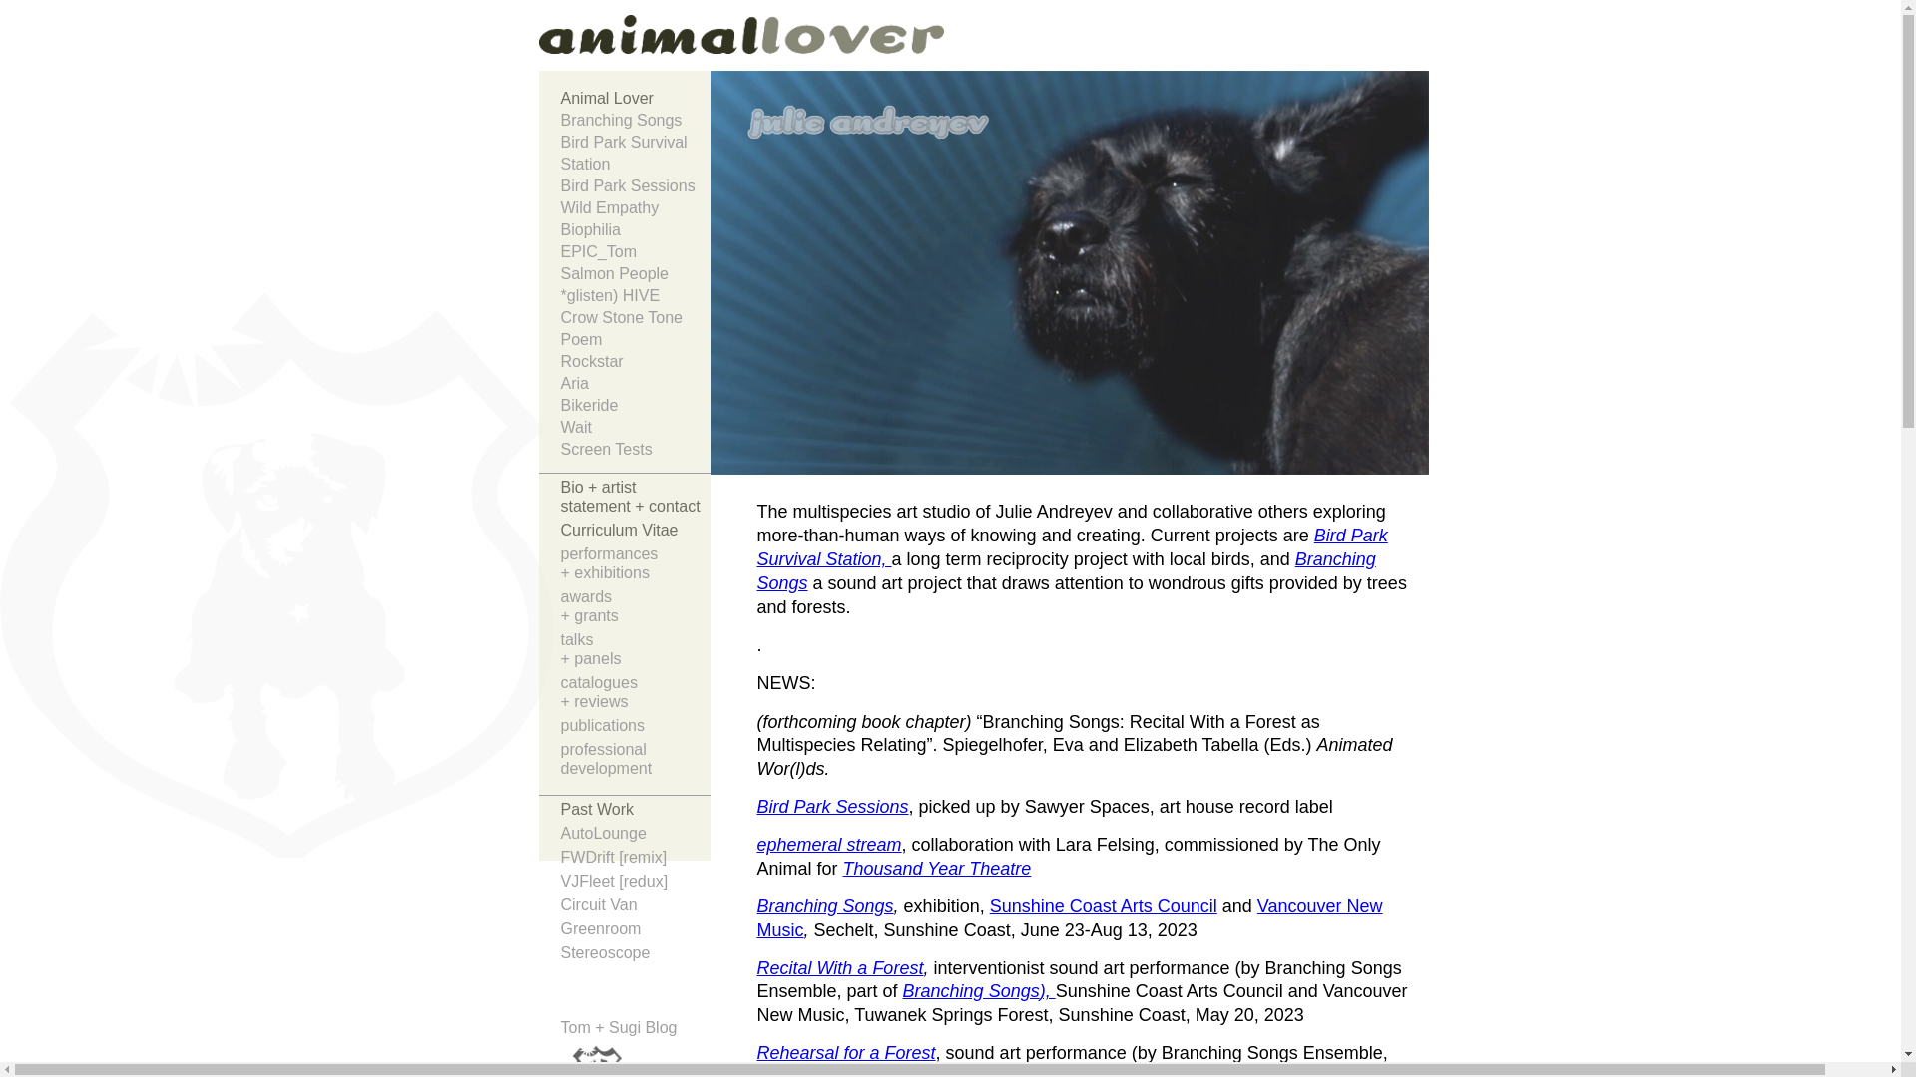 The image size is (1916, 1077). I want to click on 'Curriculum Vitae', so click(635, 531).